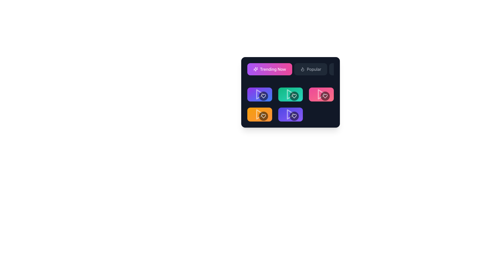  I want to click on the heart-shaped icon, which is centered within a green button in the second row and second column of the grid layout, so click(294, 96).